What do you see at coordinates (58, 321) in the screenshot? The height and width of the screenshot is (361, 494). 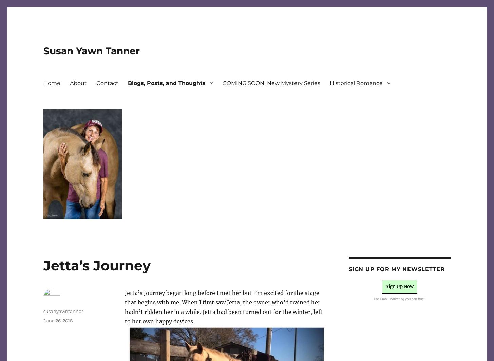 I see `'June 26, 2018'` at bounding box center [58, 321].